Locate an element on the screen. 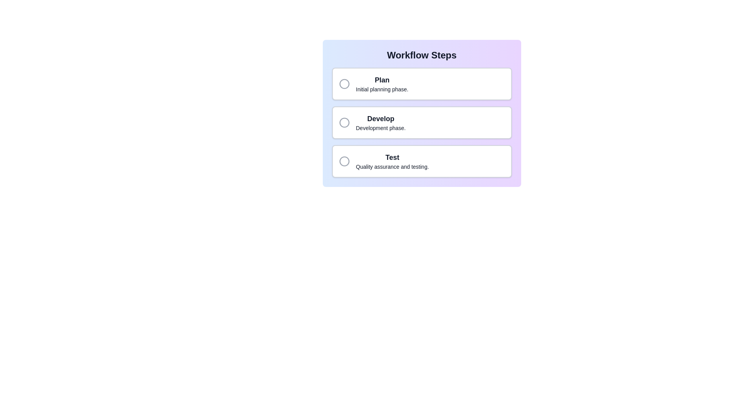  the text label that serves as the title for the third step in the workflow, located beneath 'Workflow Steps' and above 'Quality assurance and testing' is located at coordinates (392, 157).